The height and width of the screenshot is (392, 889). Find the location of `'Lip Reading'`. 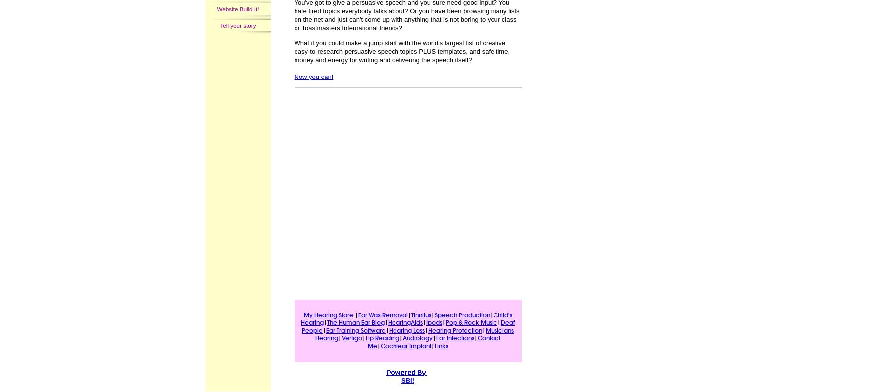

'Lip Reading' is located at coordinates (382, 337).